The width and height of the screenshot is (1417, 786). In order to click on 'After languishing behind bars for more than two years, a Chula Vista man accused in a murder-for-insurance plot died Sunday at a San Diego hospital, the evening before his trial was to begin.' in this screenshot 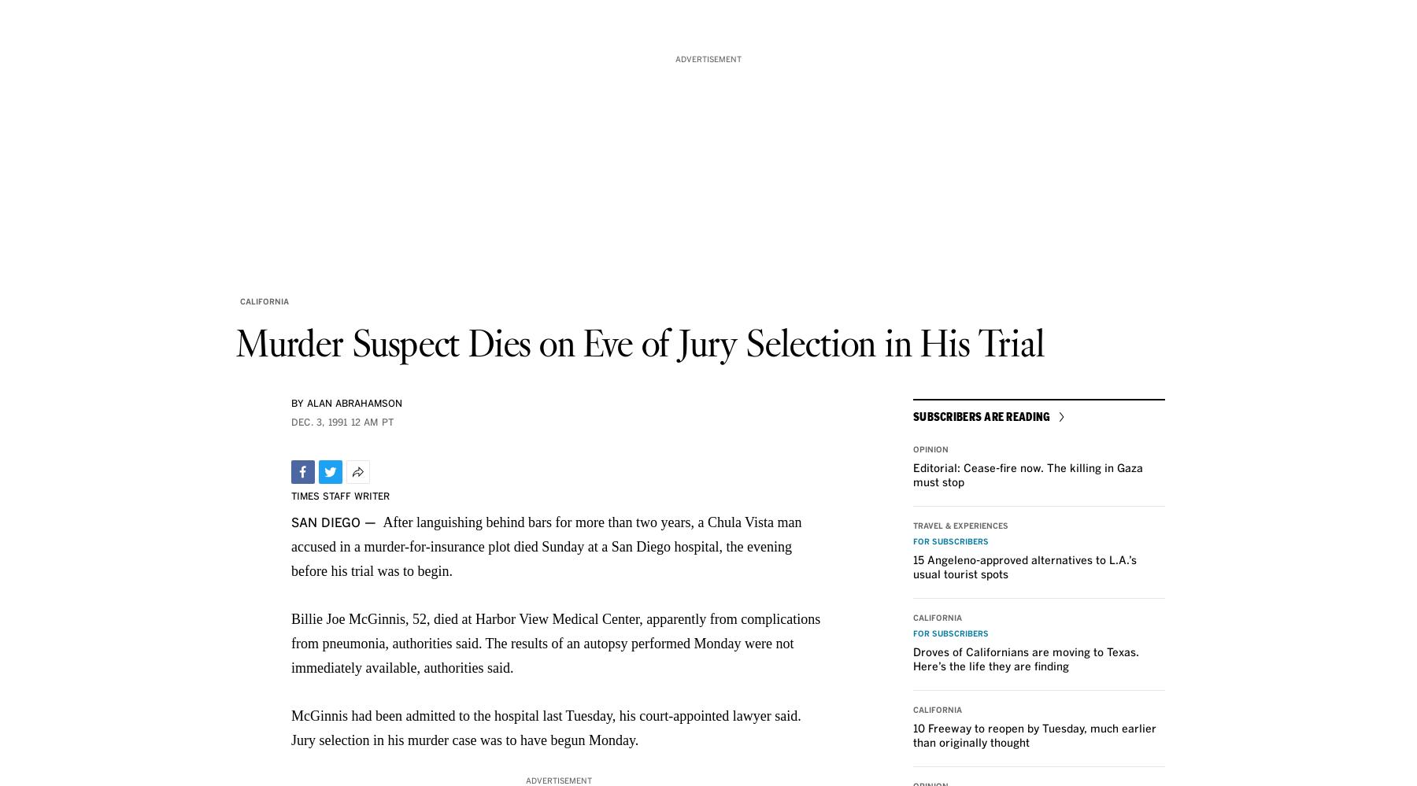, I will do `click(546, 547)`.